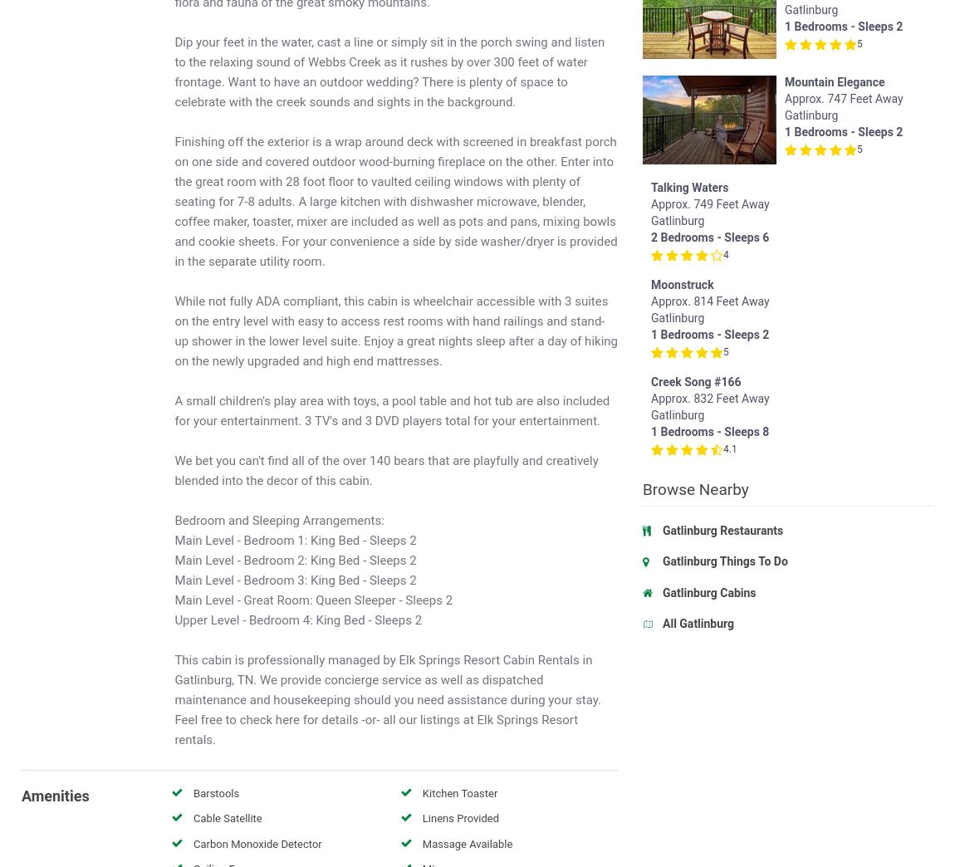 This screenshot has width=955, height=867. I want to click on 'Linens Provided', so click(460, 818).